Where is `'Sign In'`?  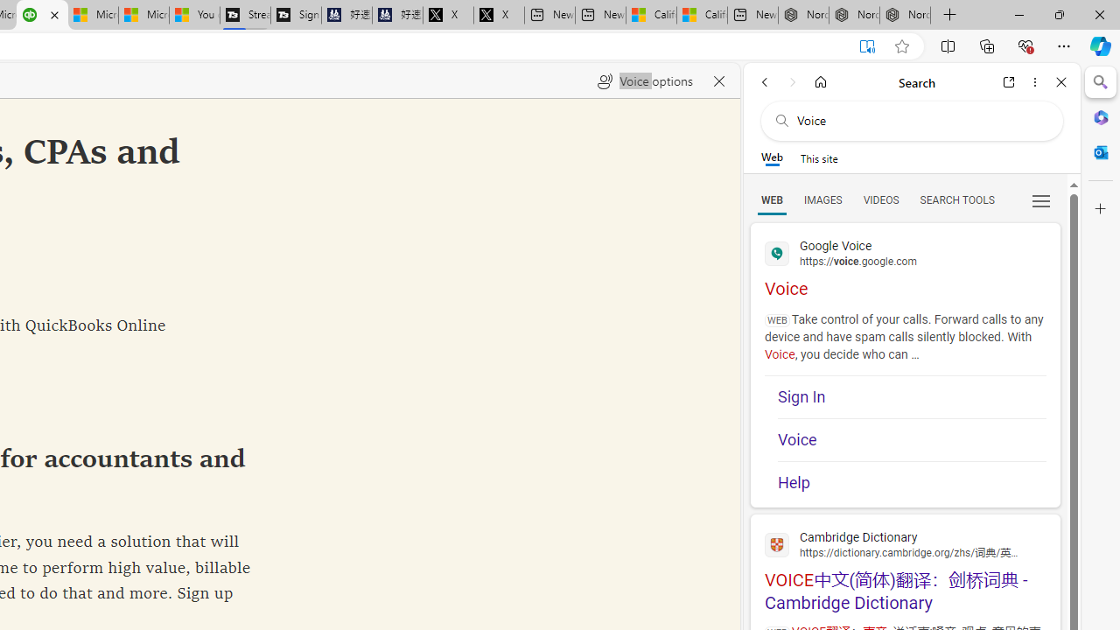 'Sign In' is located at coordinates (911, 396).